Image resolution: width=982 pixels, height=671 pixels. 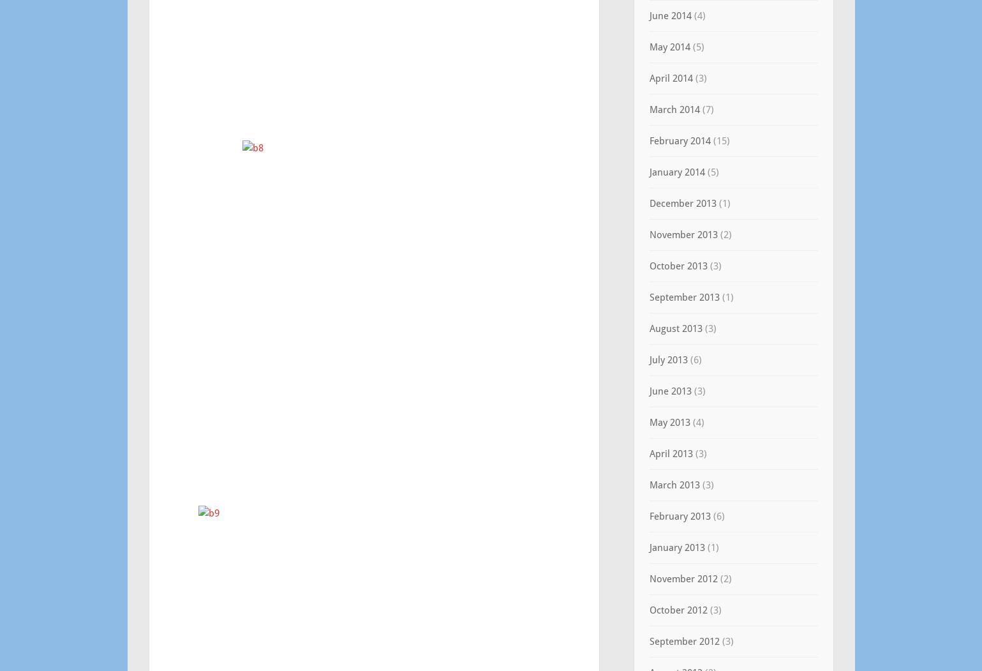 I want to click on 'September 2012', so click(x=683, y=641).